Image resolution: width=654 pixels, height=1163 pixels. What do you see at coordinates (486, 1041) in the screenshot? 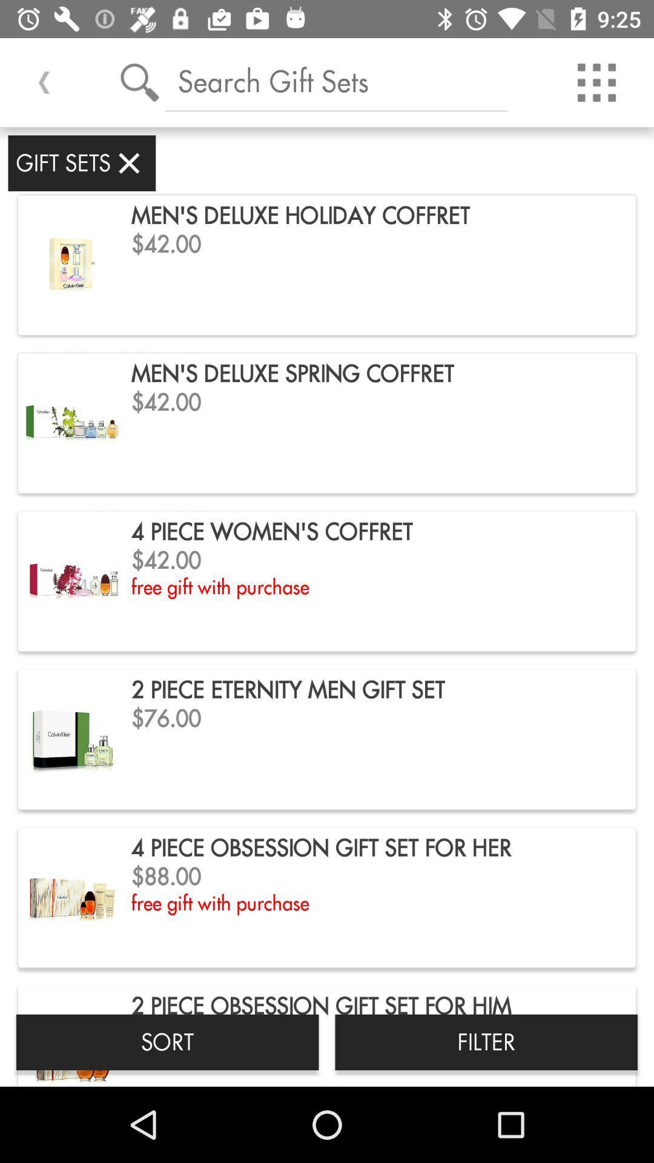
I see `the filter icon` at bounding box center [486, 1041].